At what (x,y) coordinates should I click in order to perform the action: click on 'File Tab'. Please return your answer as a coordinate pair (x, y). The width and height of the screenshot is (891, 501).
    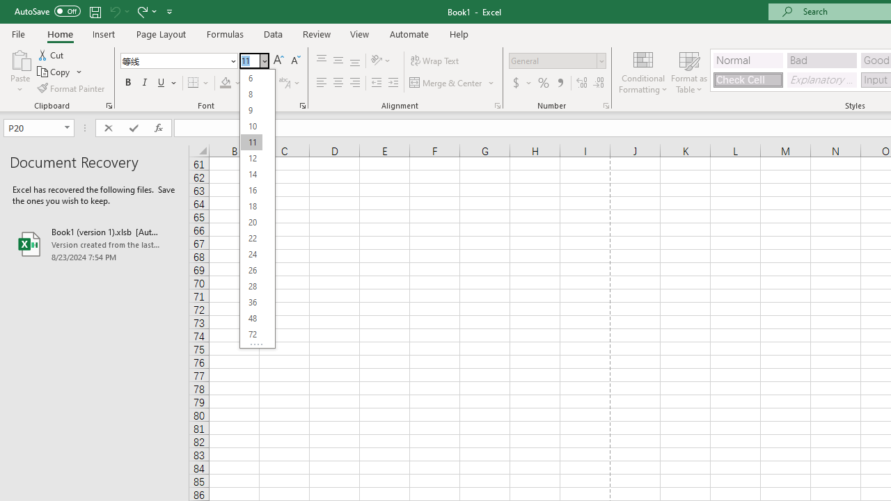
    Looking at the image, I should click on (18, 33).